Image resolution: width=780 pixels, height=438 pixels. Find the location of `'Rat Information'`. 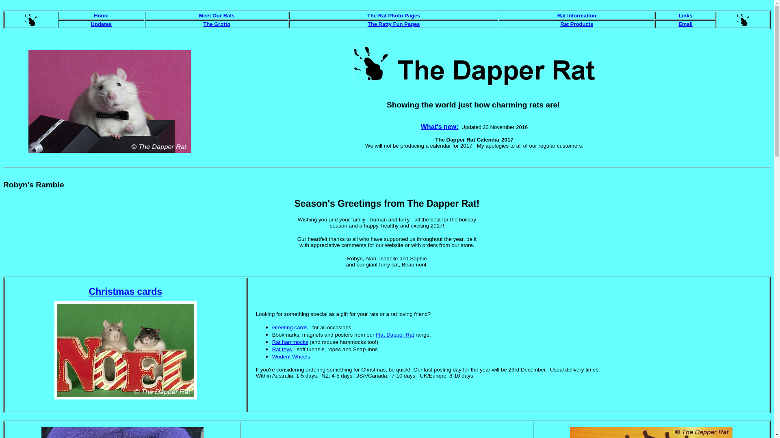

'Rat Information' is located at coordinates (576, 15).